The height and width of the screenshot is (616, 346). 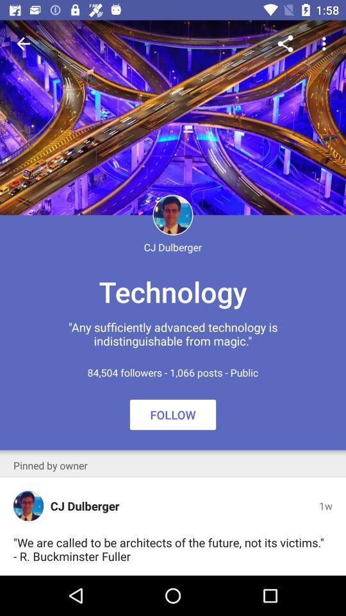 I want to click on icon below the 84 504 followers, so click(x=49, y=465).